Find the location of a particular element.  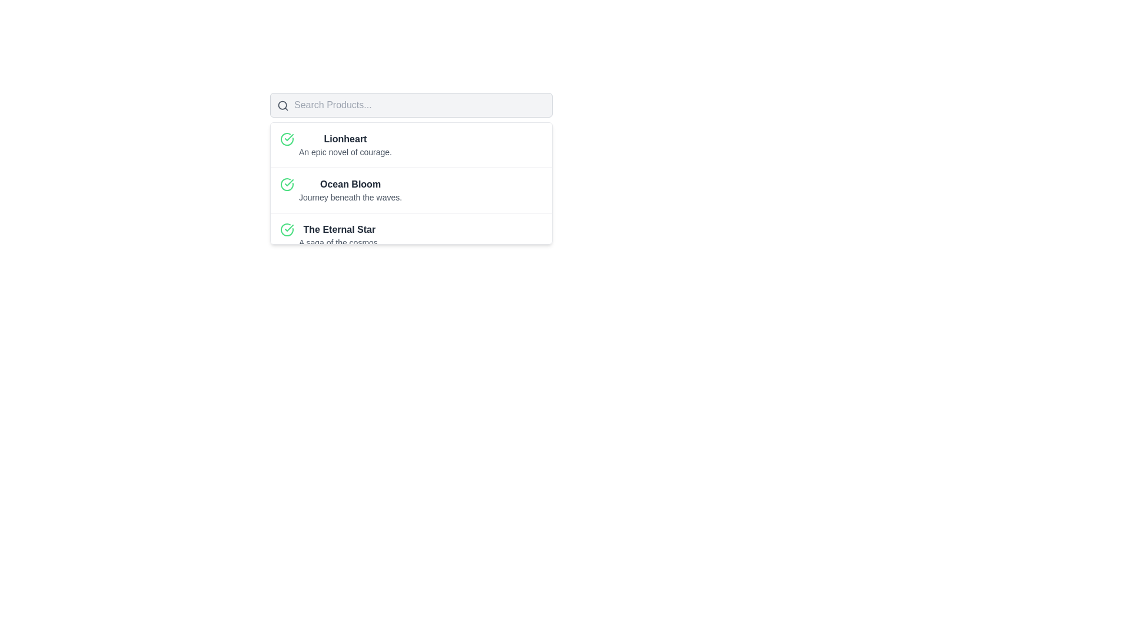

to select the second item in the list, 'Ocean Bloom', which has the subtitle 'Journey beneath the waves' is located at coordinates (411, 183).